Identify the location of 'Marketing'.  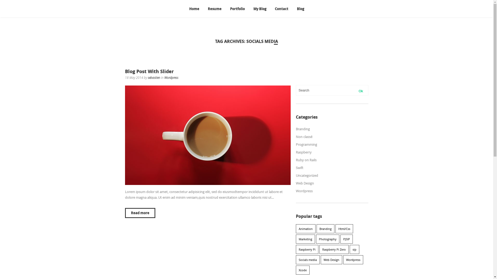
(305, 239).